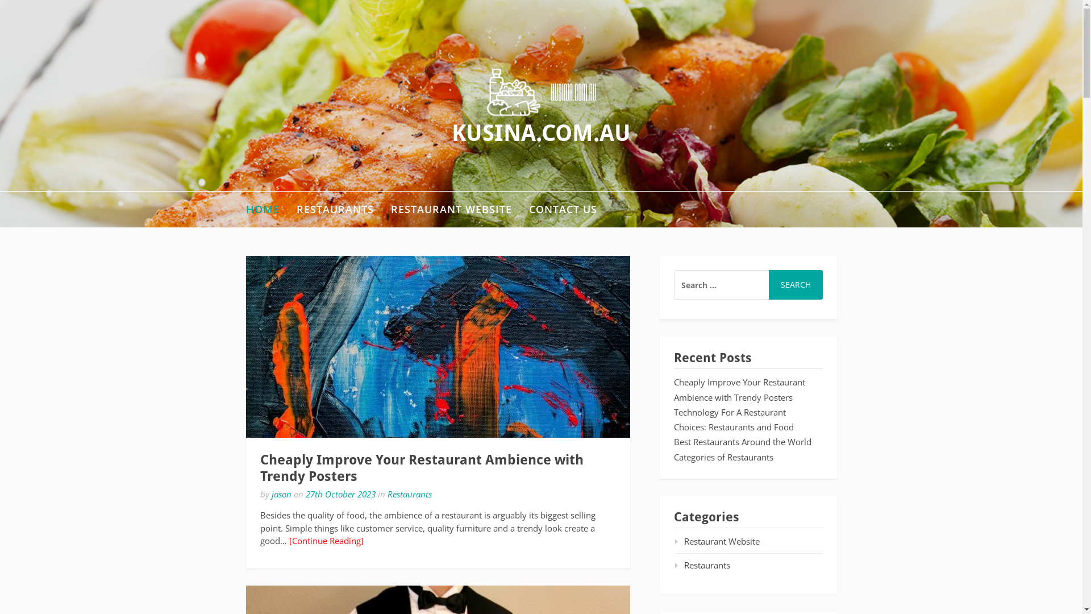 Image resolution: width=1091 pixels, height=614 pixels. What do you see at coordinates (742, 441) in the screenshot?
I see `'Best Restaurants Around the World'` at bounding box center [742, 441].